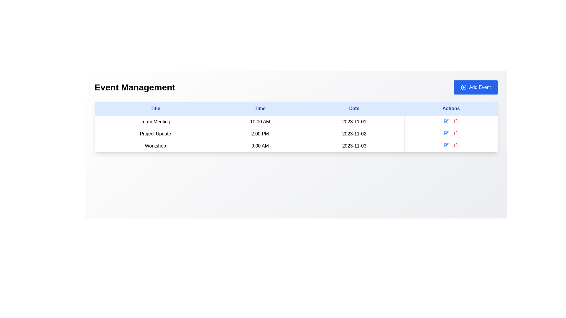 Image resolution: width=566 pixels, height=318 pixels. I want to click on the 'Date' label in the header row of the table to read it, so click(354, 109).